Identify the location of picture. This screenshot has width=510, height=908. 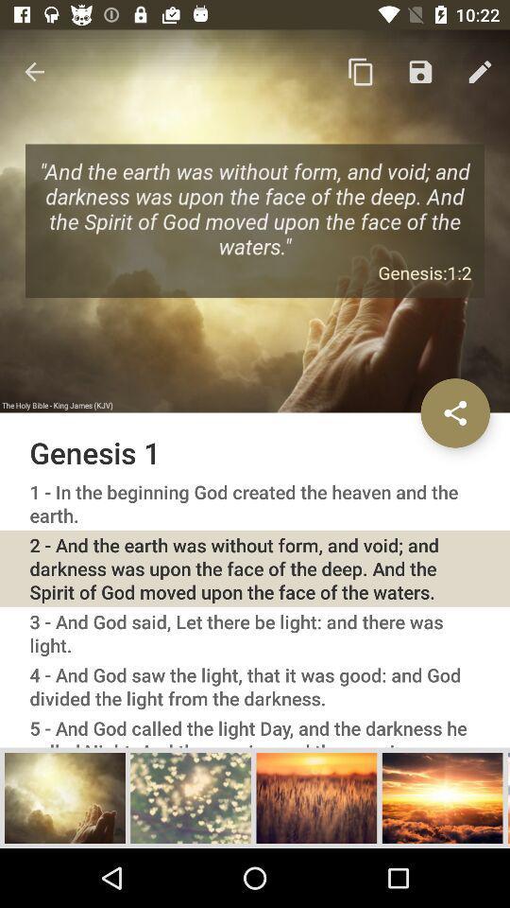
(191, 796).